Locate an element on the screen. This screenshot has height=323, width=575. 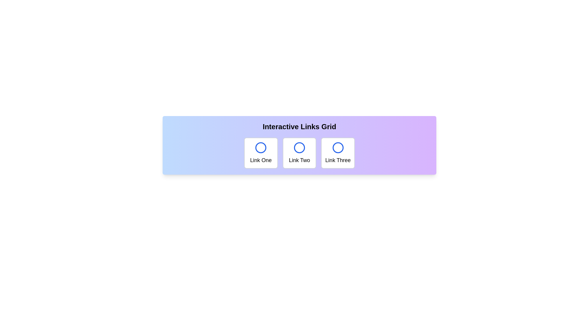
the third circular element with a blue stroke and white background in the 'Interactive Links Grid' below 'Link Three.' is located at coordinates (338, 147).